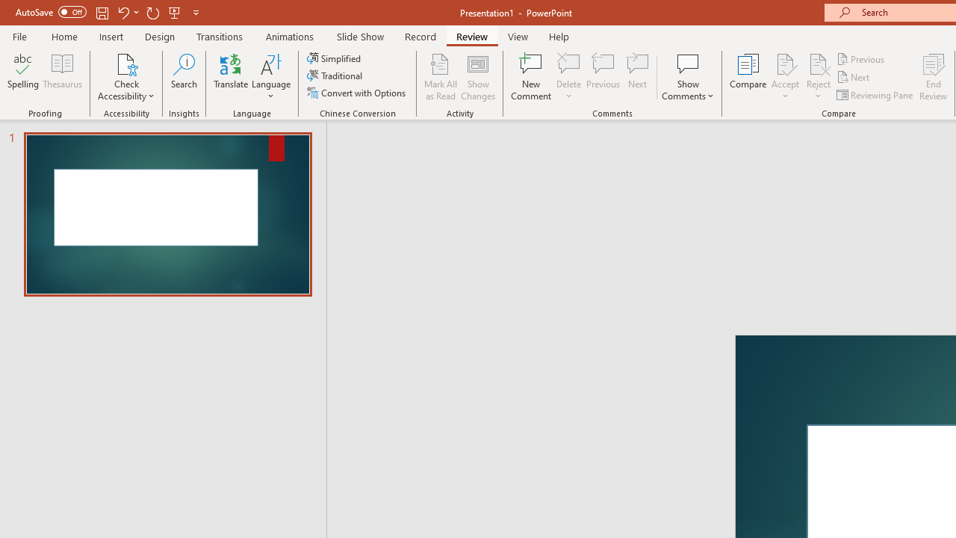 The height and width of the screenshot is (538, 956). Describe the element at coordinates (854, 77) in the screenshot. I see `'Next'` at that location.